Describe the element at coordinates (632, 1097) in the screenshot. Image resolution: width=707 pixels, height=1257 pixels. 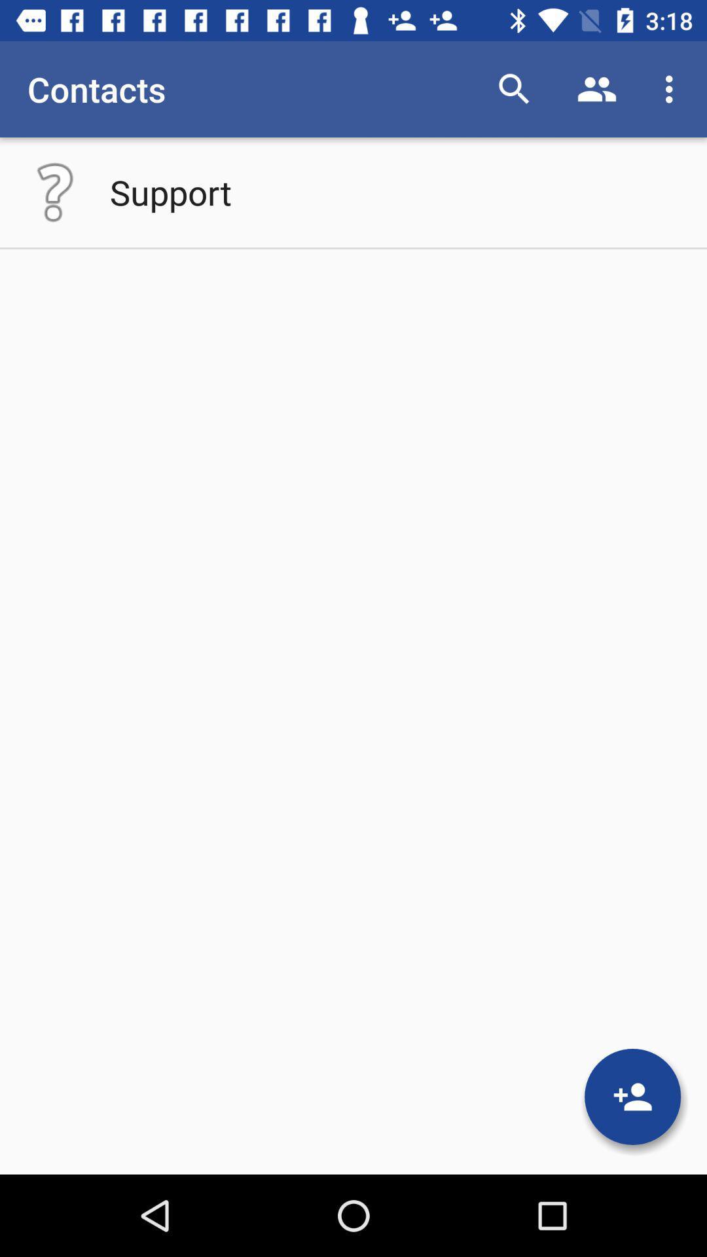
I see `contact` at that location.